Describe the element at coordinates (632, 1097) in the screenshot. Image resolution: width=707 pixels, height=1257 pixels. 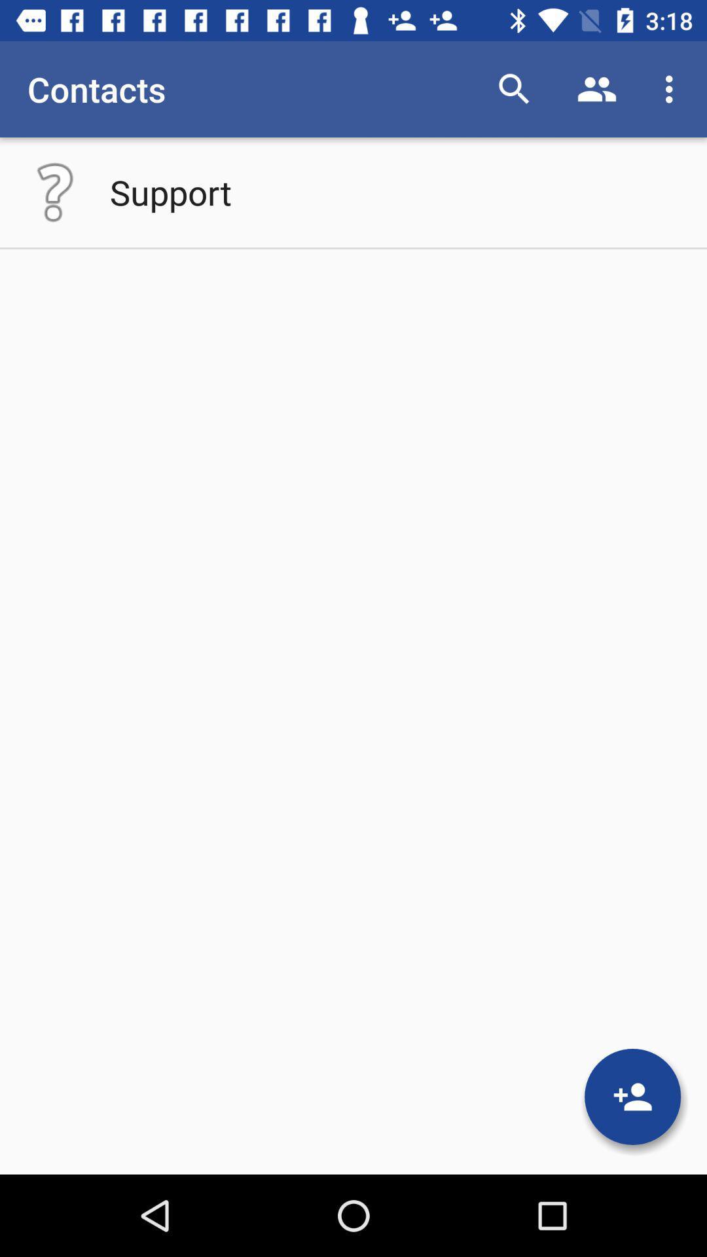
I see `contact` at that location.